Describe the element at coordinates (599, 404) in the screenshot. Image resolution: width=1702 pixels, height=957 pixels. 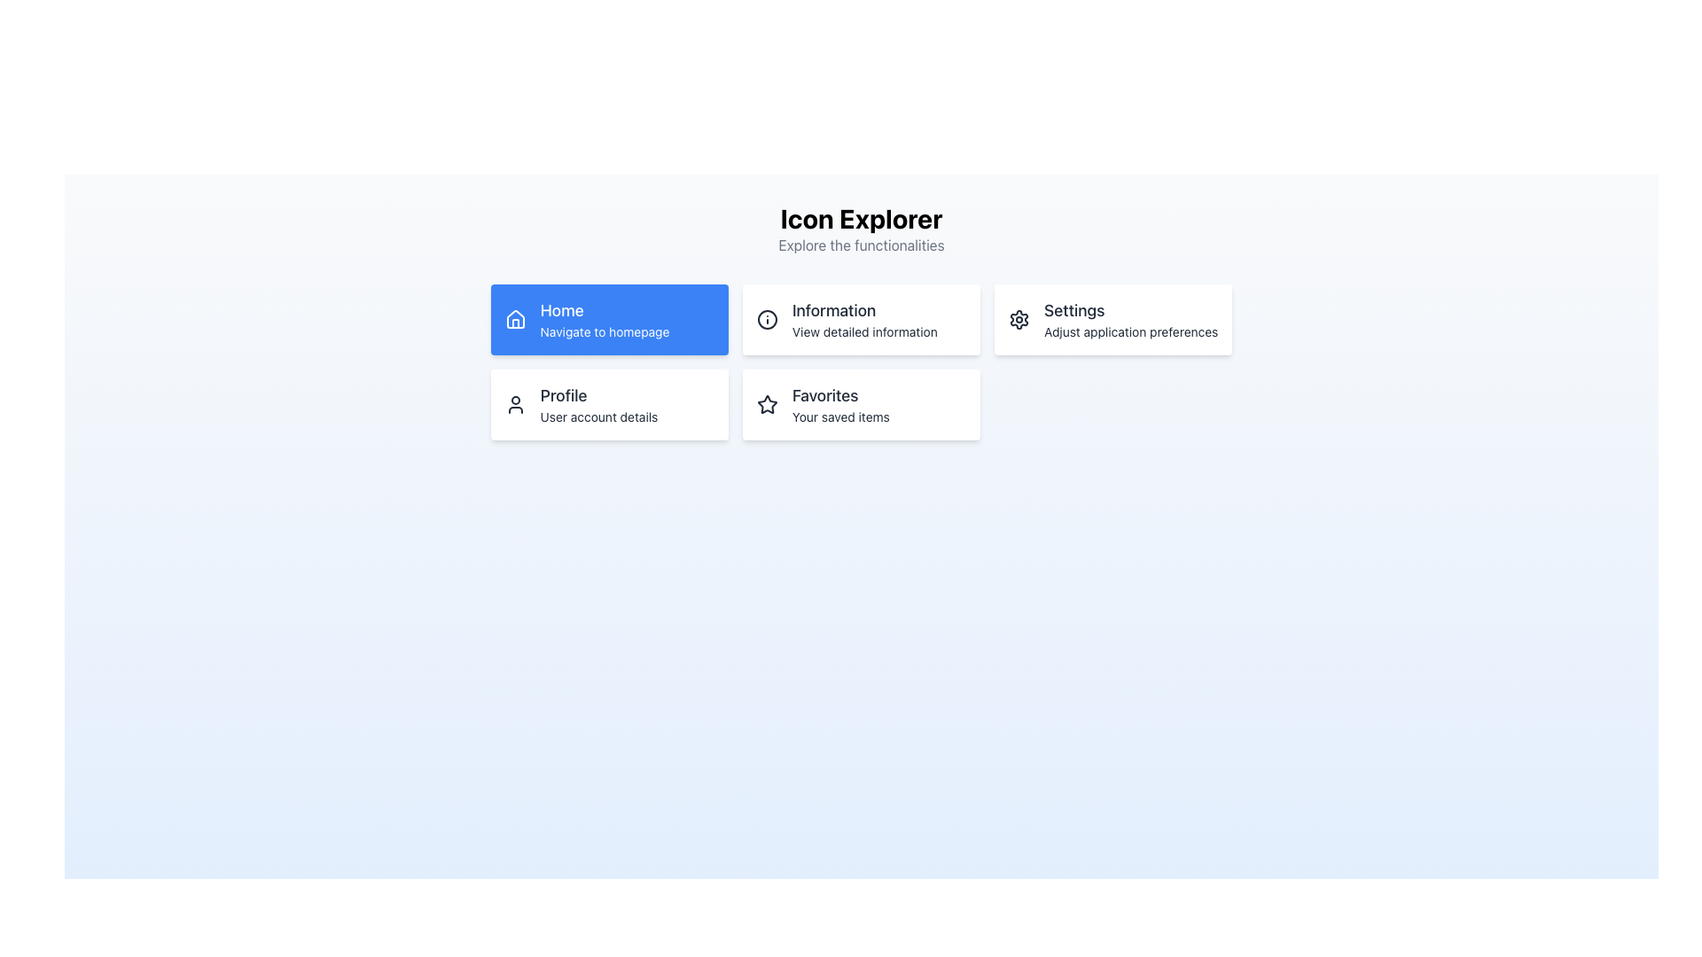
I see `the text block that contains the title 'Profile' and subtitle 'User account details', located in the second row, first column of the layout, to the right of the user icon` at that location.